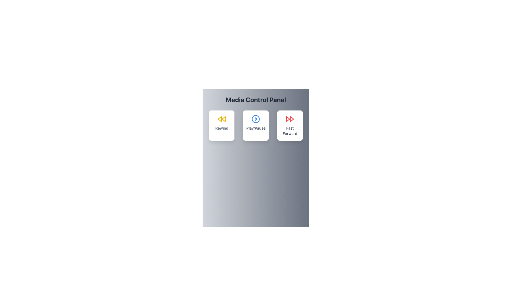 The width and height of the screenshot is (518, 291). What do you see at coordinates (256, 119) in the screenshot?
I see `the triangular play icon located within the blue circular outline of the play/pause button in the media control interface` at bounding box center [256, 119].